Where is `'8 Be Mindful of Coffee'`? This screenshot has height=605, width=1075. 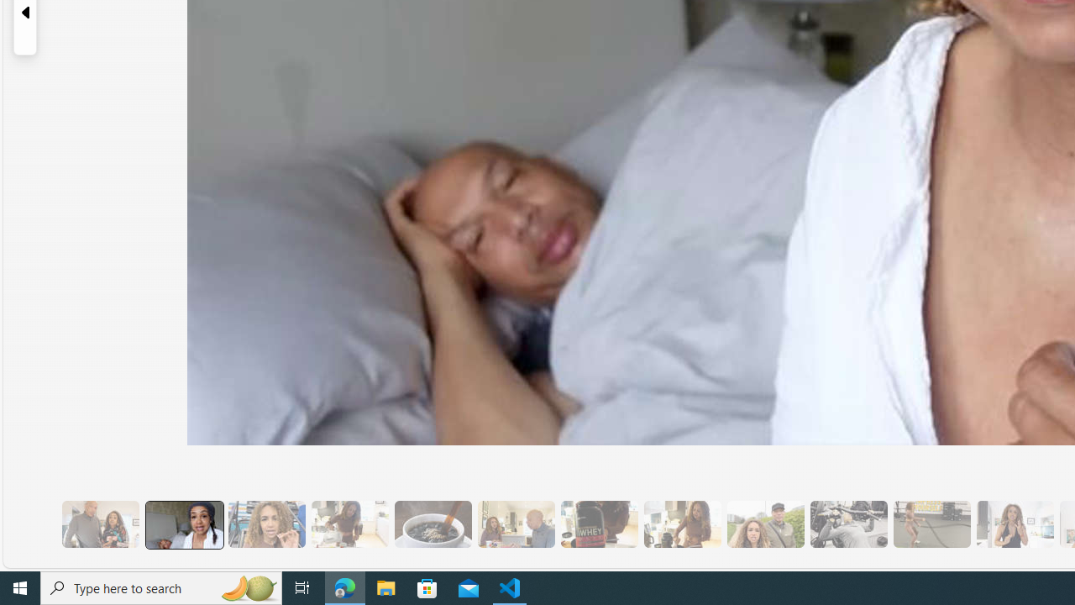 '8 Be Mindful of Coffee' is located at coordinates (433, 523).